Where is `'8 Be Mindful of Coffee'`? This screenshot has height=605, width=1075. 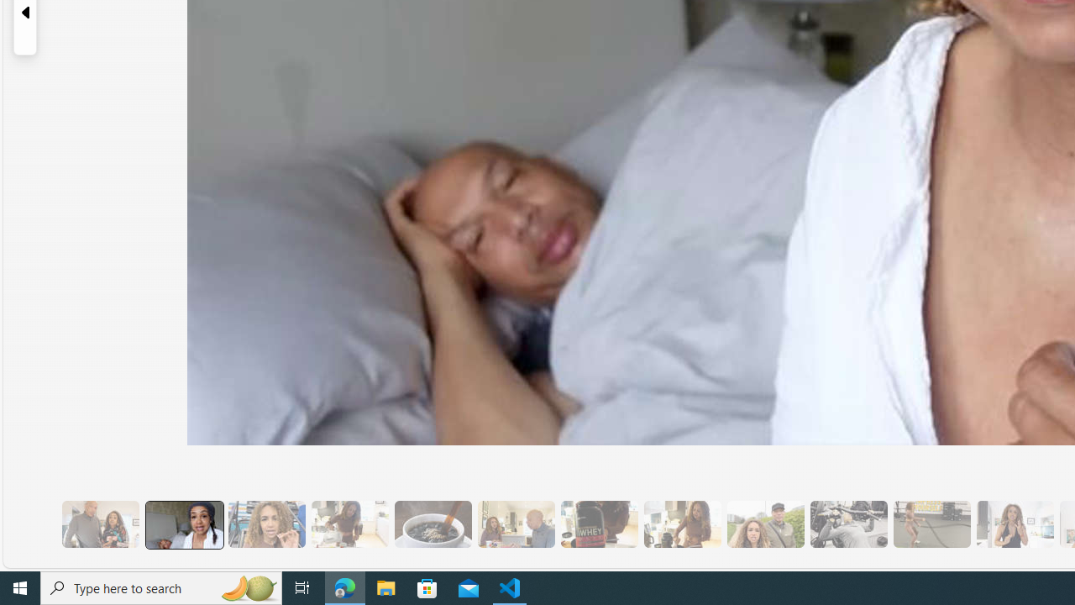 '8 Be Mindful of Coffee' is located at coordinates (433, 523).